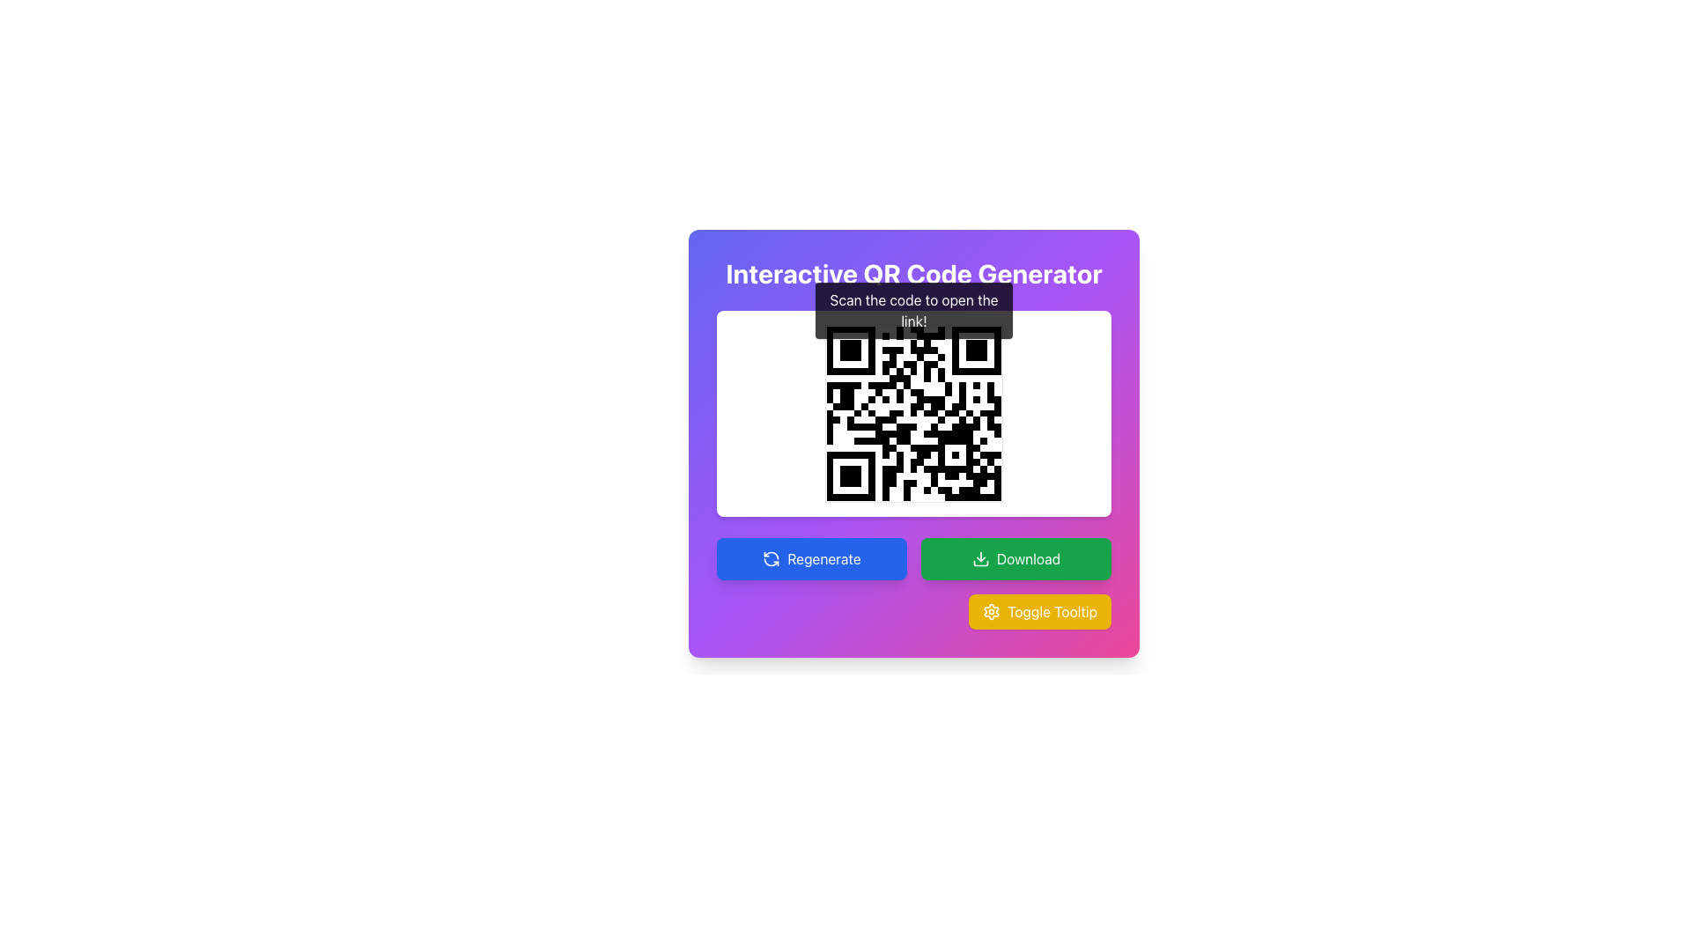 The image size is (1691, 951). I want to click on the download icon located within the green rectangular 'Download' button at the bottom of the interface to initiate a download action, so click(979, 559).